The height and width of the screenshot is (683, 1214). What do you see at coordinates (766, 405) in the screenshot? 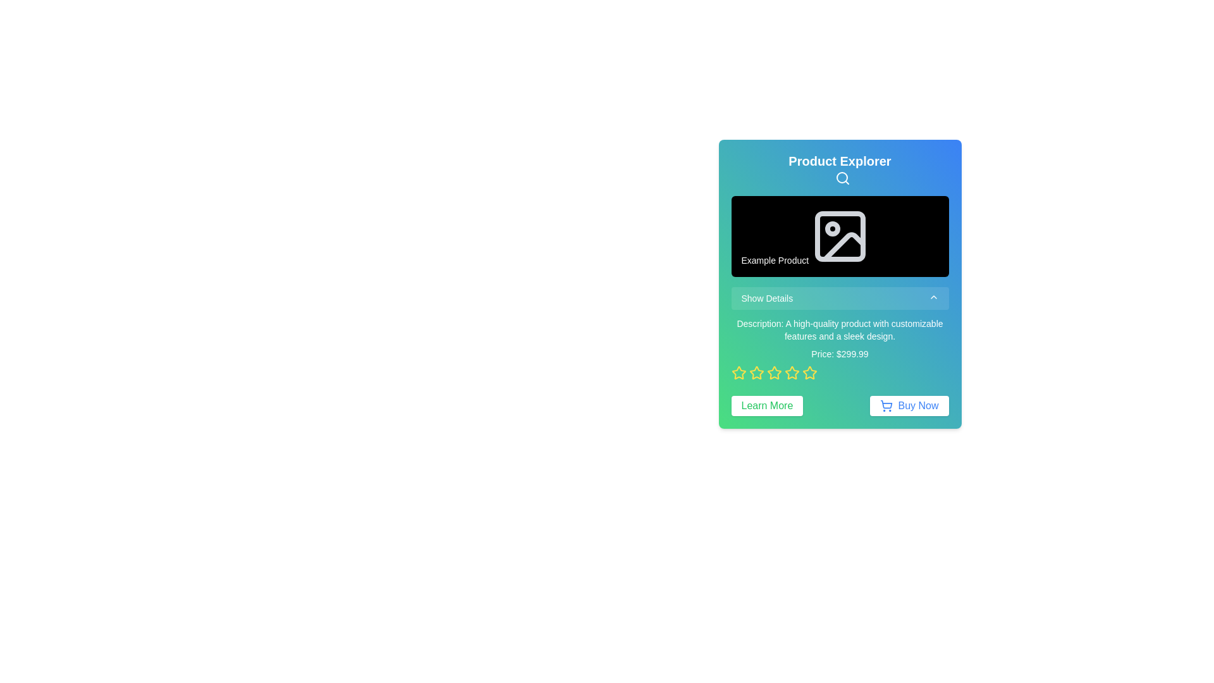
I see `the 'Learn More' button, which is a rectangular button with rounded edges, green text on a white background, positioned below a rating section and to the left of the 'Buy Now' button` at bounding box center [766, 405].